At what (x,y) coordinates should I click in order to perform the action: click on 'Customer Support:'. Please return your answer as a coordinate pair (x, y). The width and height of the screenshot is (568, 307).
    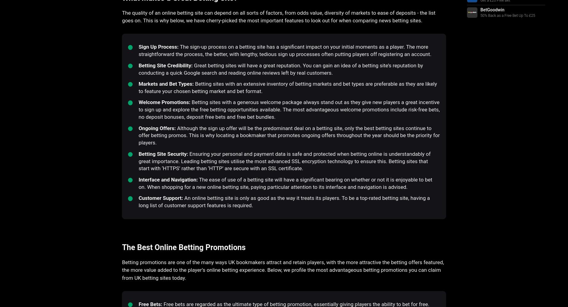
    Looking at the image, I should click on (161, 198).